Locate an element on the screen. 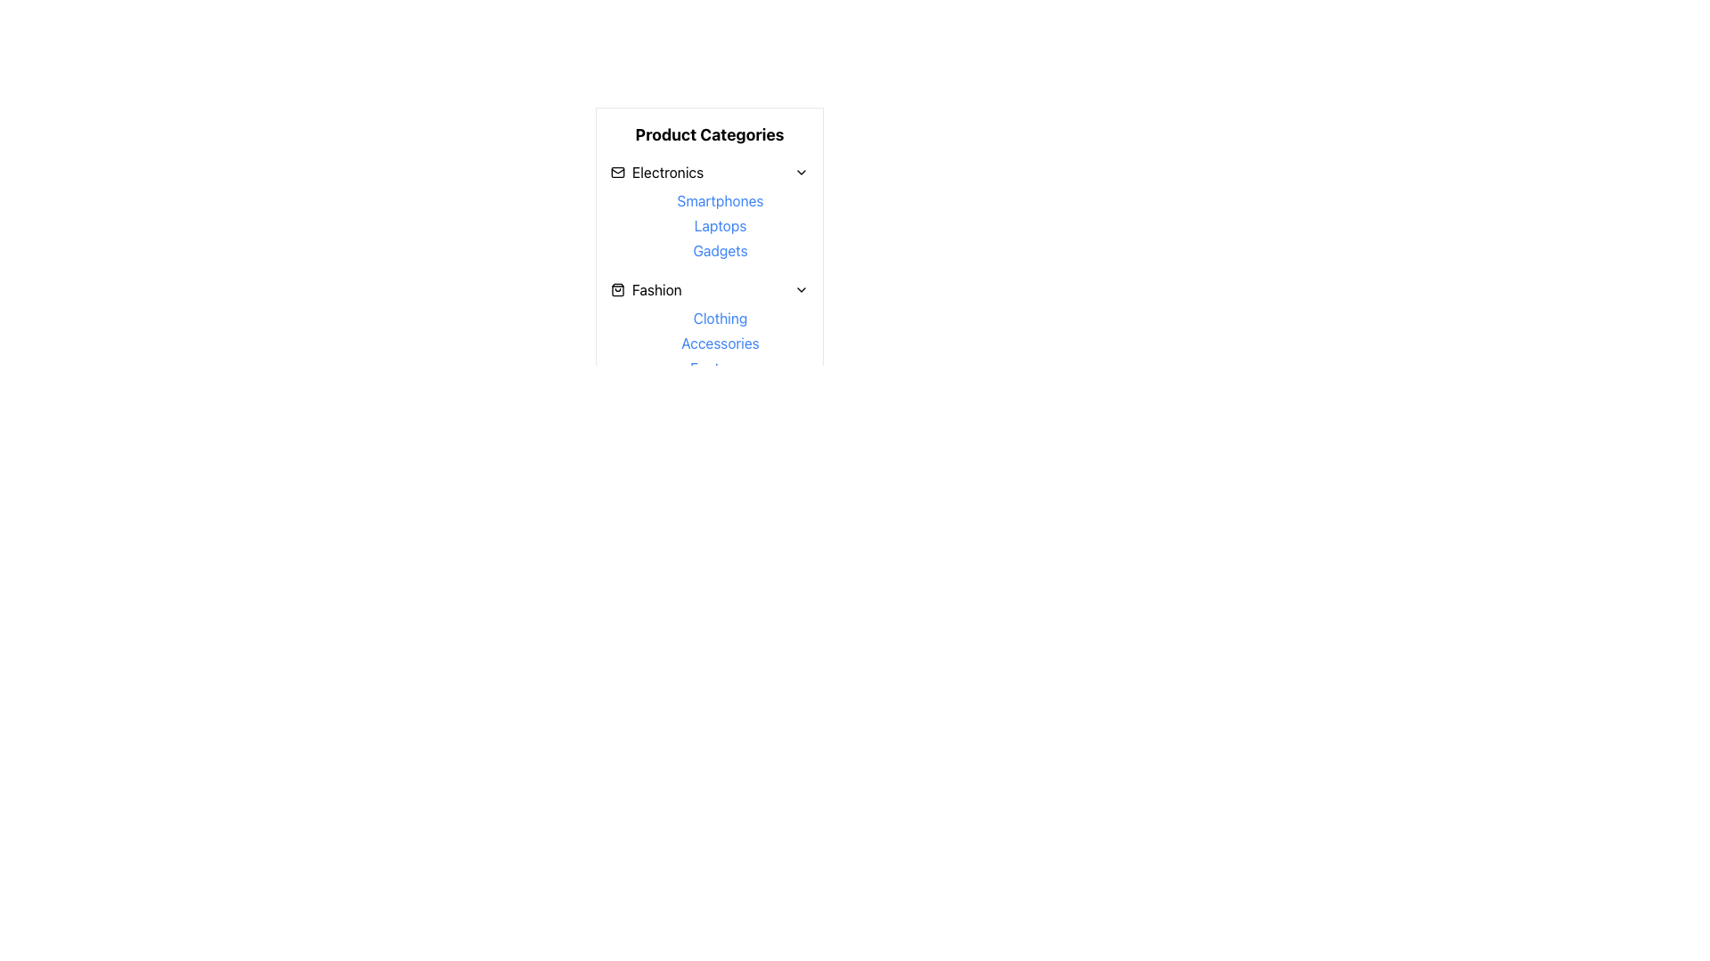  the chevron icon for dropdown functionality located at the rightmost side of the 'Electronics' category heading is located at coordinates (801, 172).